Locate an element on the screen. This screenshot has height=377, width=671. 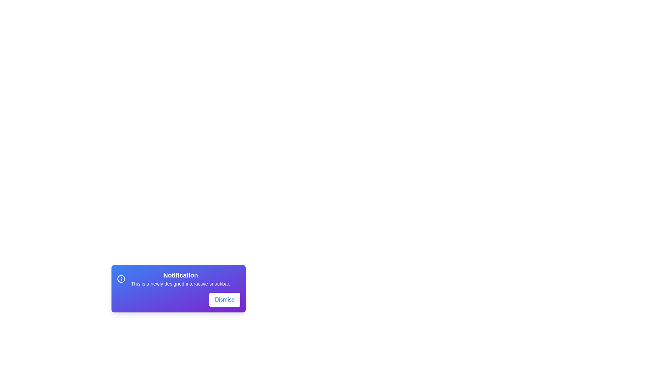
notification text block styled with bold and normal text, which is positioned near the top section of the snackbar and is horizontally centered above the 'Dismiss' button is located at coordinates (178, 278).